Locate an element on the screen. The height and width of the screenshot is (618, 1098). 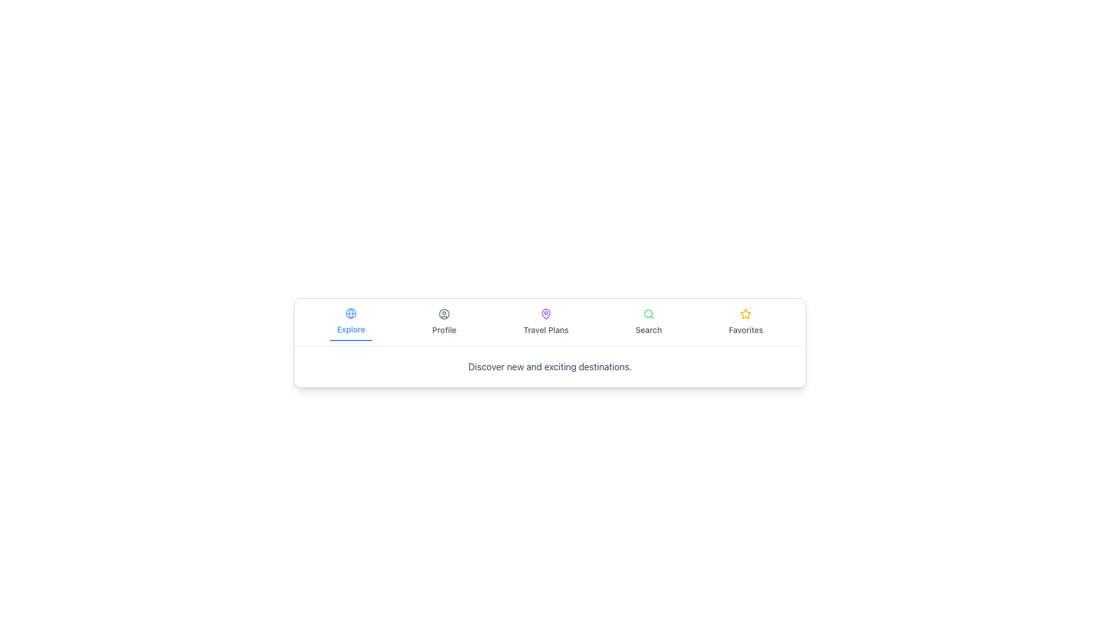
the small green circle within the magnifying glass icon in the navigation bar, positioned above the 'Search' label is located at coordinates (648, 314).